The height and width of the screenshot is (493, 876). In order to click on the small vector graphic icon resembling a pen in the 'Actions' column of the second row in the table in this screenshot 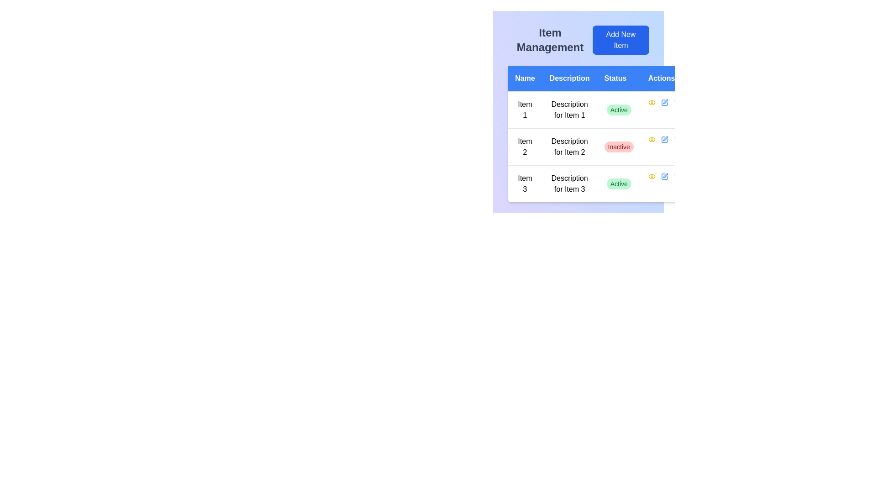, I will do `click(665, 139)`.